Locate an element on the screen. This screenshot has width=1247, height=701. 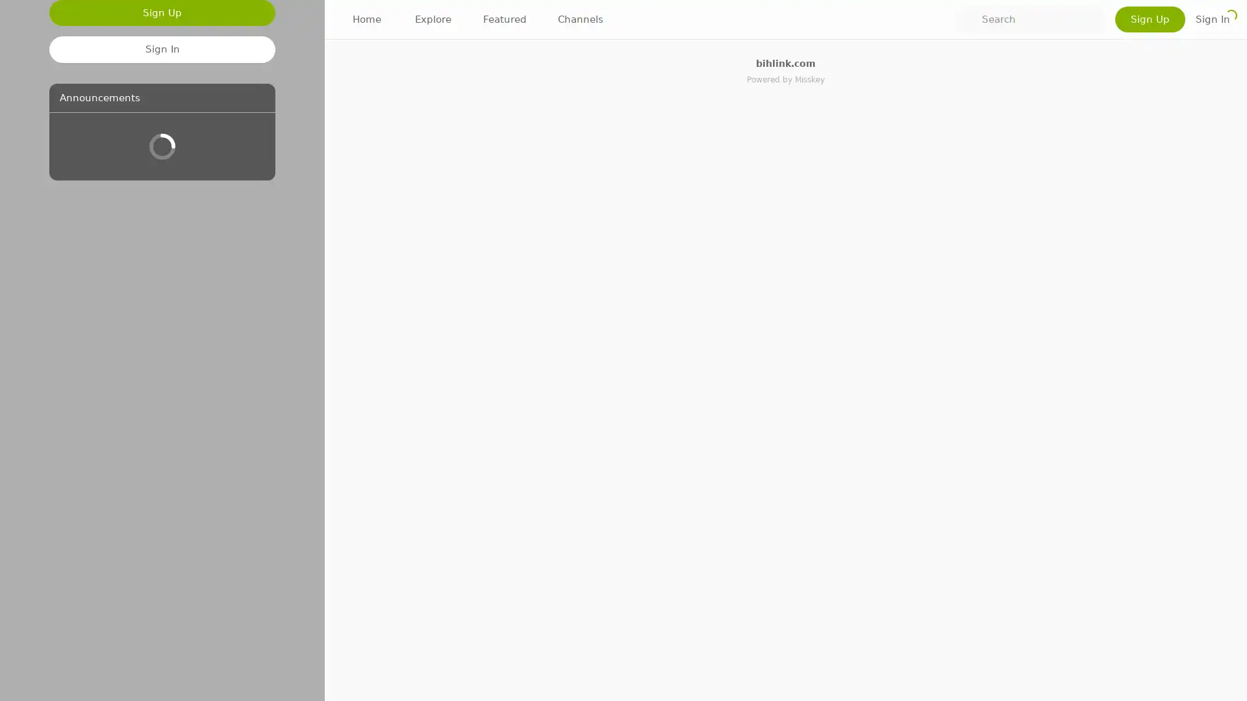
Show more is located at coordinates (809, 142).